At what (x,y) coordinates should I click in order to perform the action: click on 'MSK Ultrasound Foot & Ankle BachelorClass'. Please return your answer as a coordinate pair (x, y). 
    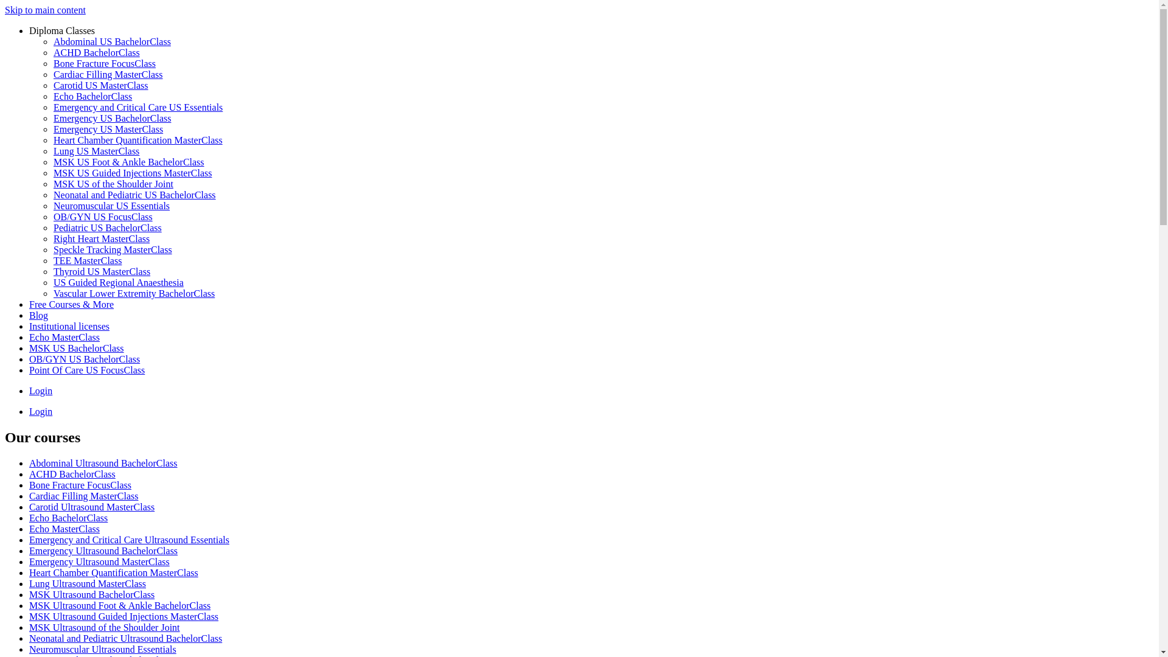
    Looking at the image, I should click on (119, 605).